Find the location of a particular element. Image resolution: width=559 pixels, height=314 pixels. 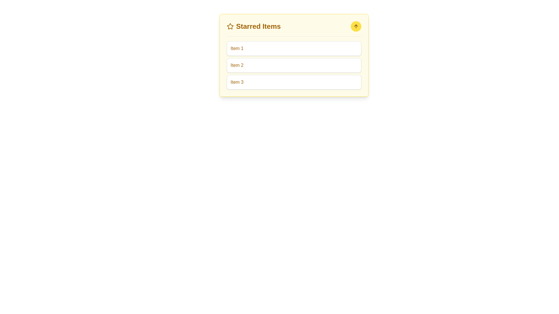

the star-shaped Decorative Icon with a brown border and white fill, located next to the 'Starred Items' heading is located at coordinates (230, 26).